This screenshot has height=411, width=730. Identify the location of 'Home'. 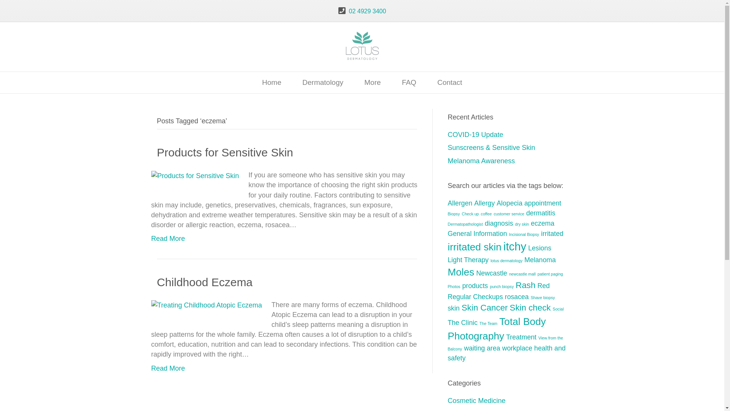
(271, 83).